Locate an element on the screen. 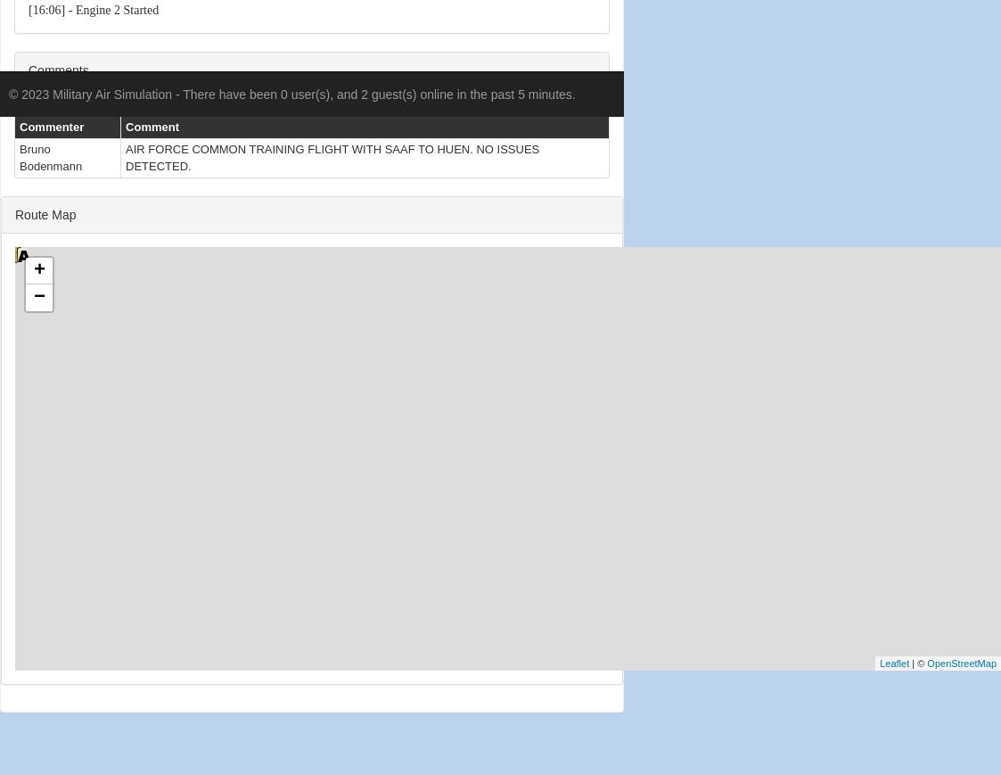 The width and height of the screenshot is (1001, 775). 'Route Map' is located at coordinates (44, 213).